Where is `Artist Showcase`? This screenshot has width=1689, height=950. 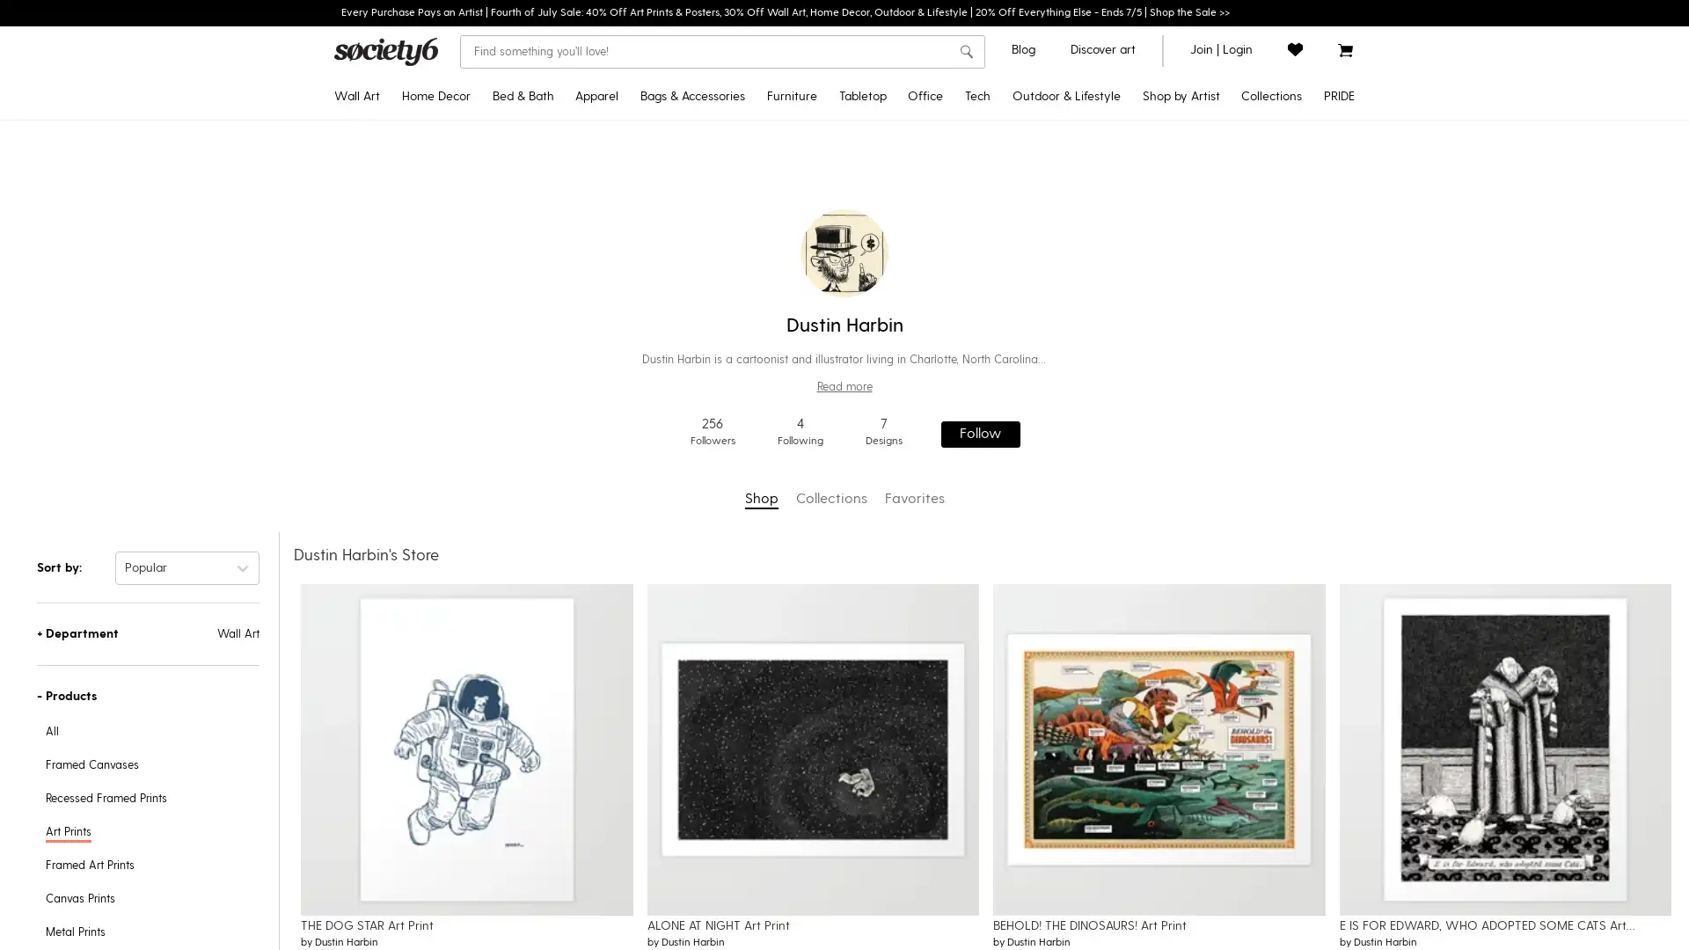 Artist Showcase is located at coordinates (1133, 339).